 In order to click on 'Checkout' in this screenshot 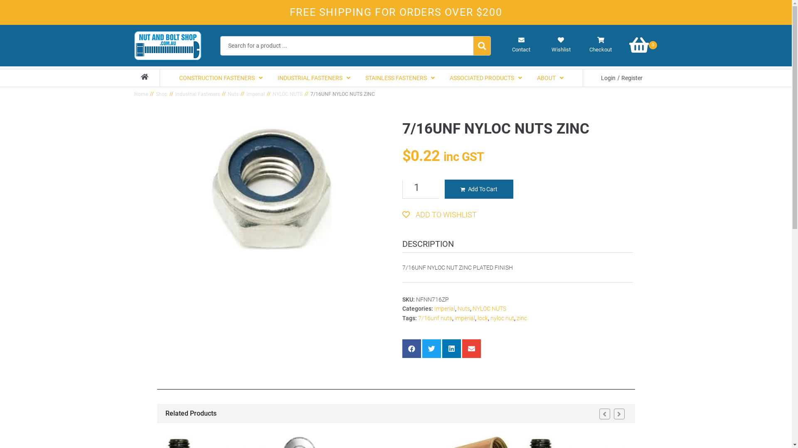, I will do `click(600, 45)`.